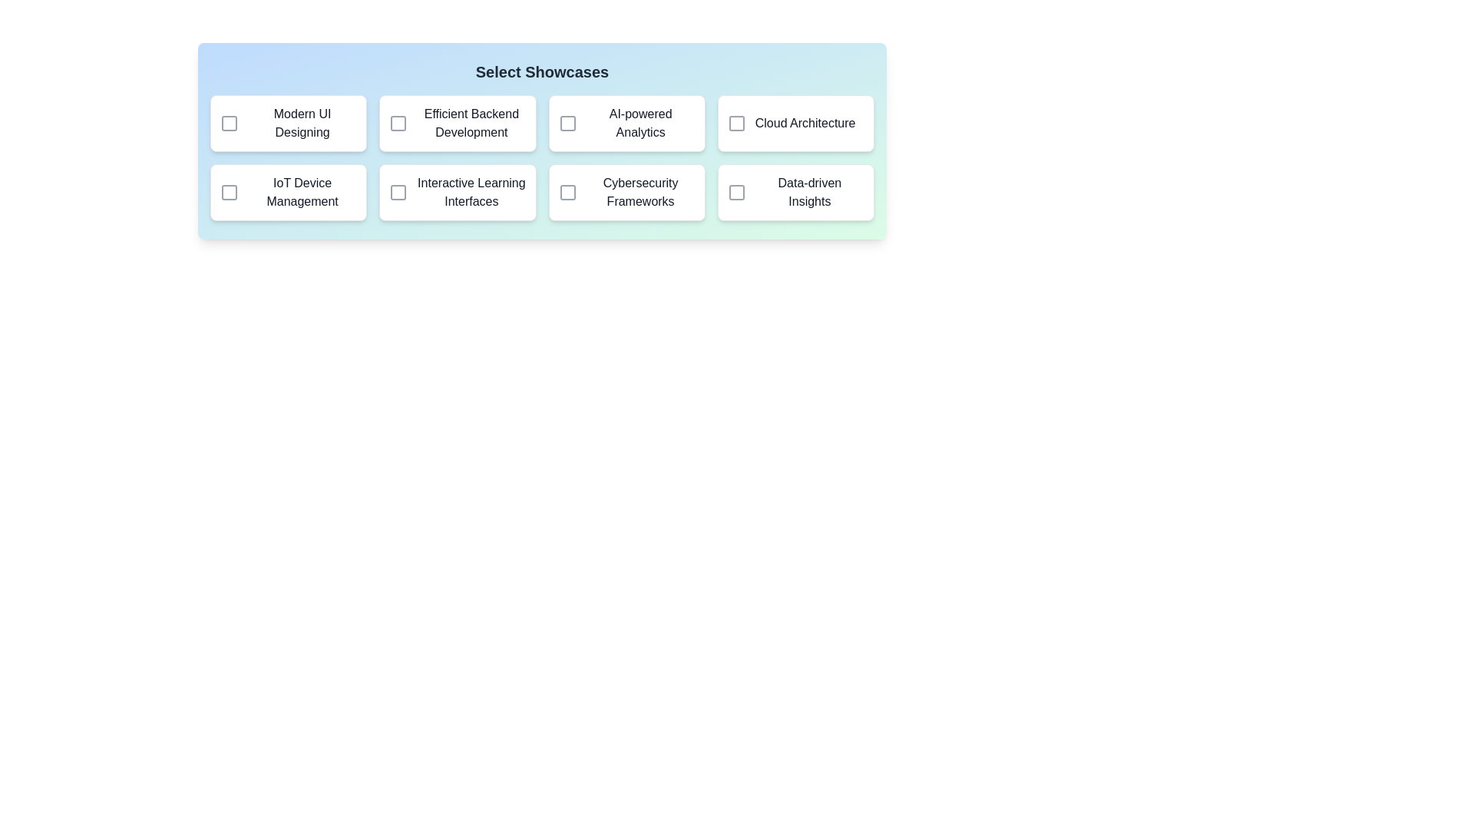  Describe the element at coordinates (398, 123) in the screenshot. I see `the showcase corresponding to Efficient Backend Development` at that location.